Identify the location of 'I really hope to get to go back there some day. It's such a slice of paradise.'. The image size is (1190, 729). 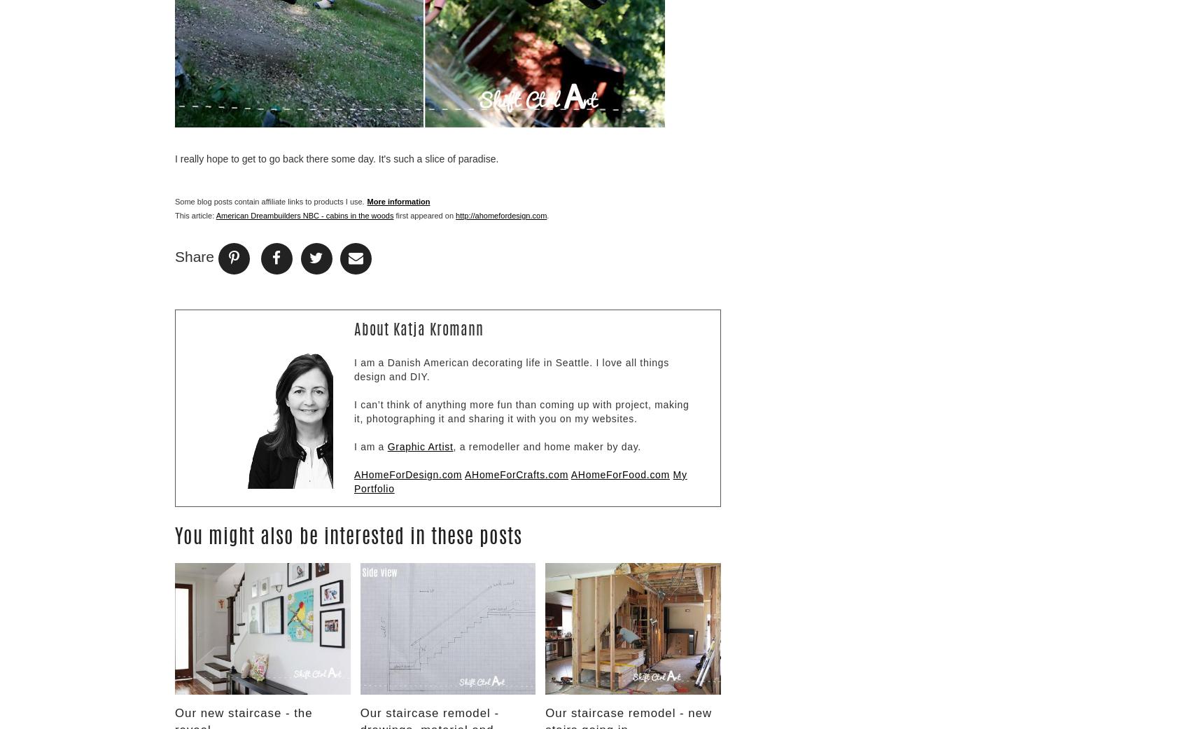
(175, 158).